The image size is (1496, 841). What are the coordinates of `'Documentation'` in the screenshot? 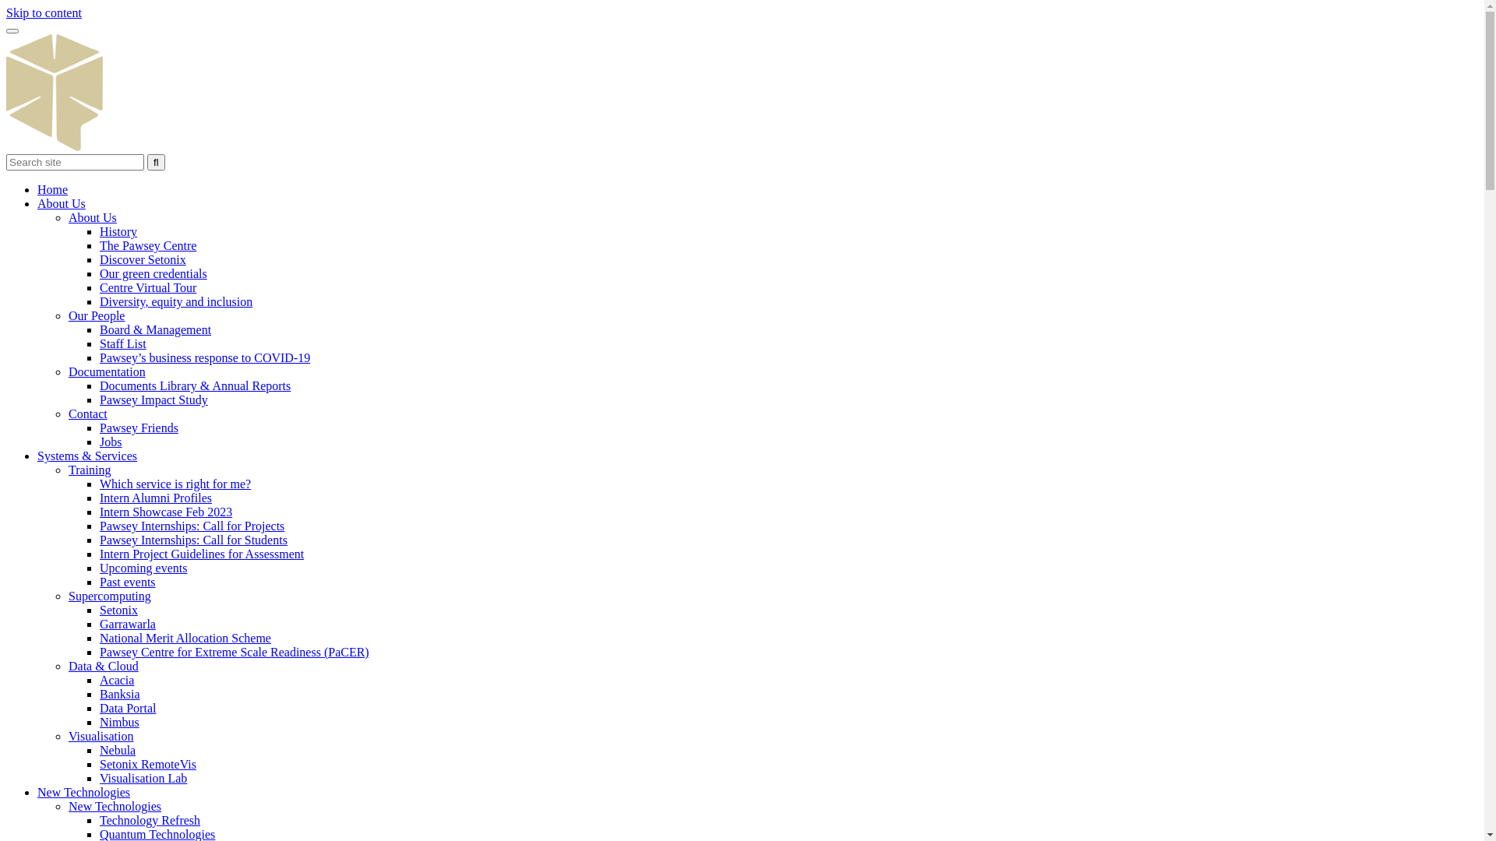 It's located at (106, 371).